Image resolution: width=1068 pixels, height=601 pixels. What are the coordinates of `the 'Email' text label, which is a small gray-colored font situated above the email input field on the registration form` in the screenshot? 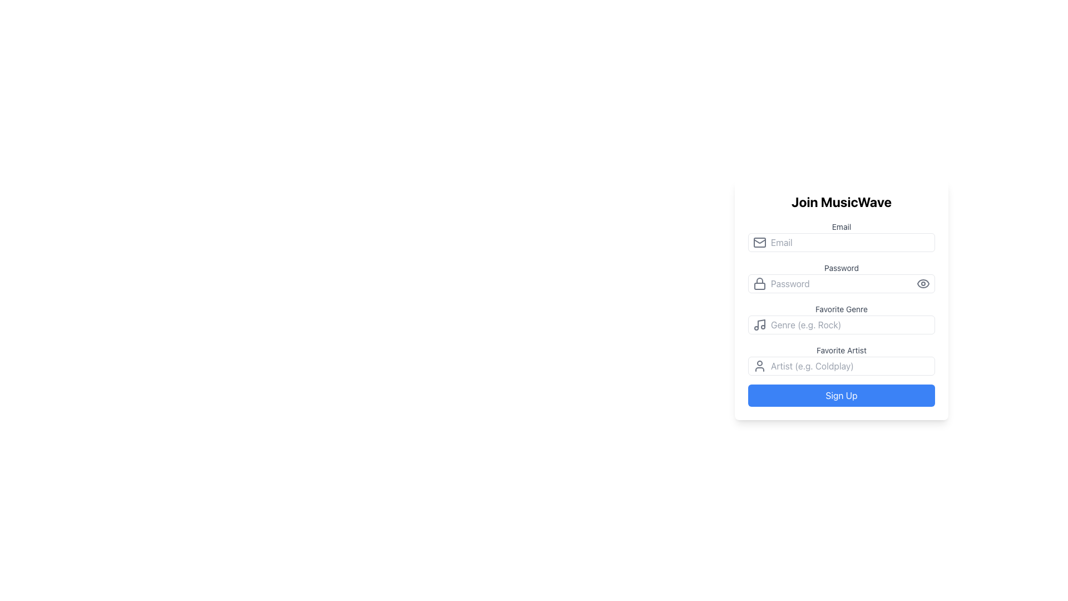 It's located at (841, 226).